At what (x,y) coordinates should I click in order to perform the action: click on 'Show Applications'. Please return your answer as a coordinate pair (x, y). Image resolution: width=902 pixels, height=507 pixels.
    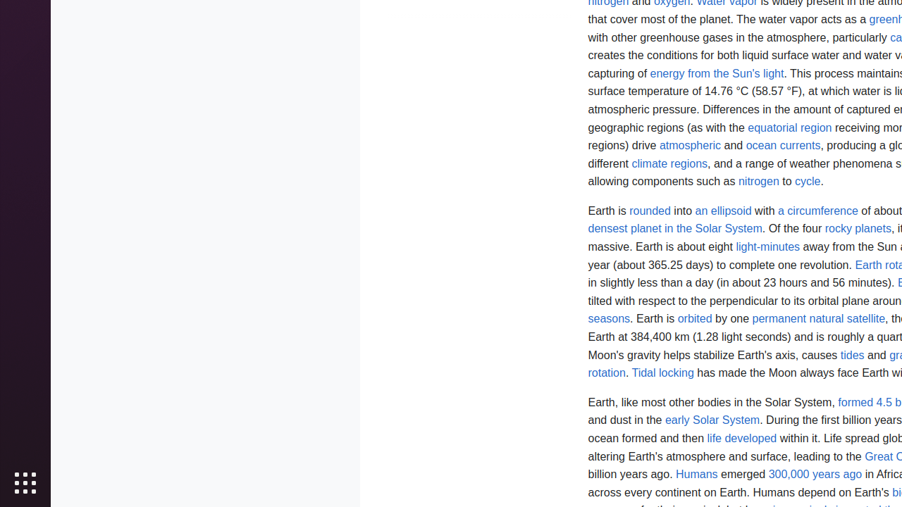
    Looking at the image, I should click on (25, 482).